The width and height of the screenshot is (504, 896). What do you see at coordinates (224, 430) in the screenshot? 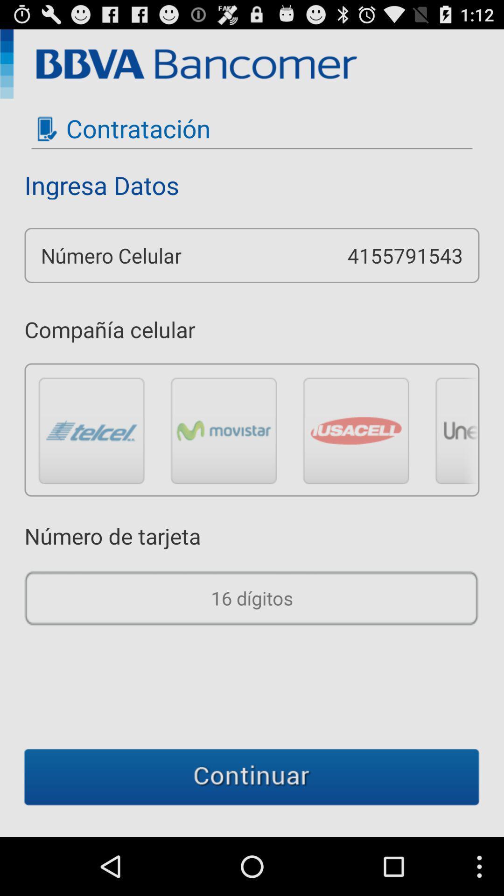
I see `choose movistar telco` at bounding box center [224, 430].